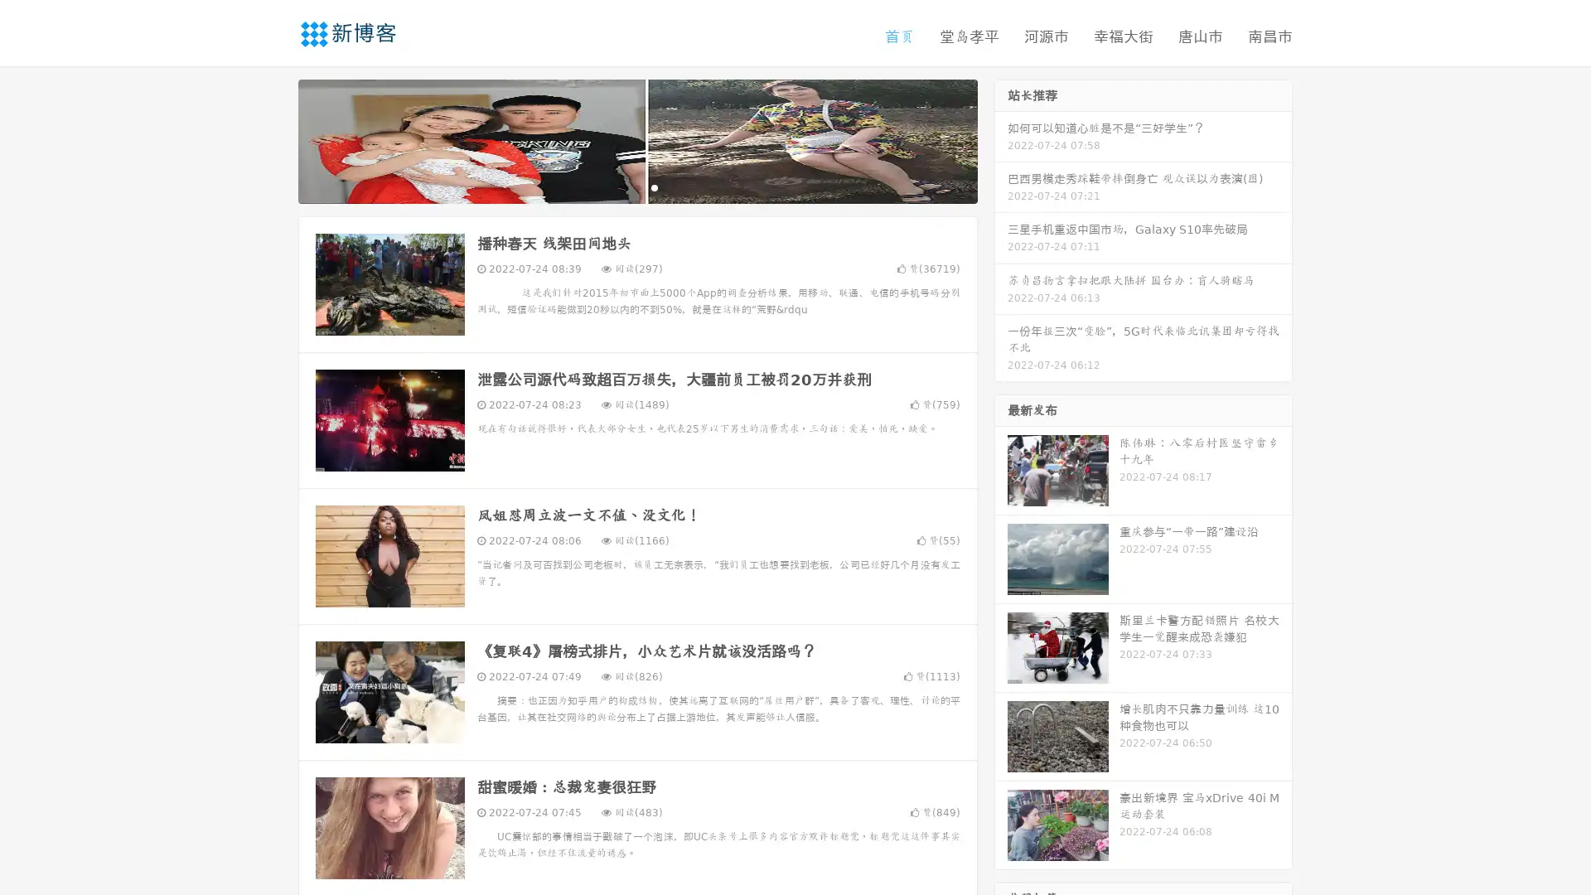 The width and height of the screenshot is (1591, 895). Describe the element at coordinates (620, 186) in the screenshot. I see `Go to slide 1` at that location.